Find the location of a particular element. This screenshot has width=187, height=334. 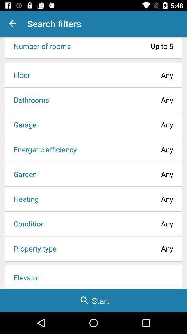

the icon to the left of the any item is located at coordinates (32, 248).